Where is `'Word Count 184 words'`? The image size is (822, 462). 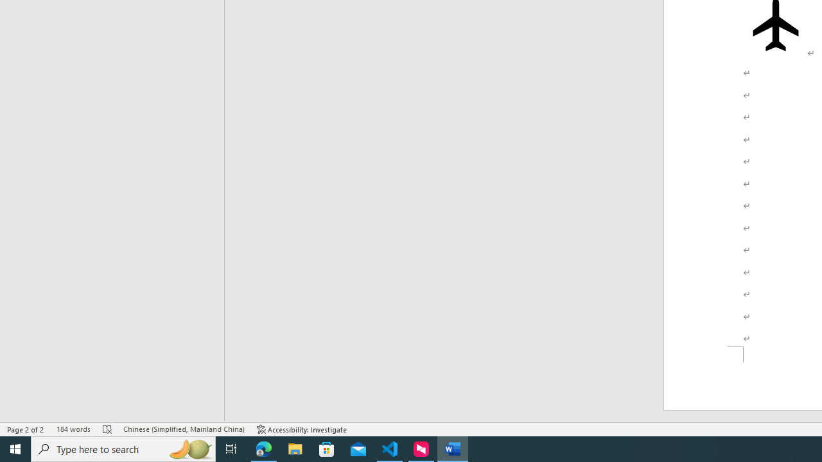 'Word Count 184 words' is located at coordinates (72, 429).